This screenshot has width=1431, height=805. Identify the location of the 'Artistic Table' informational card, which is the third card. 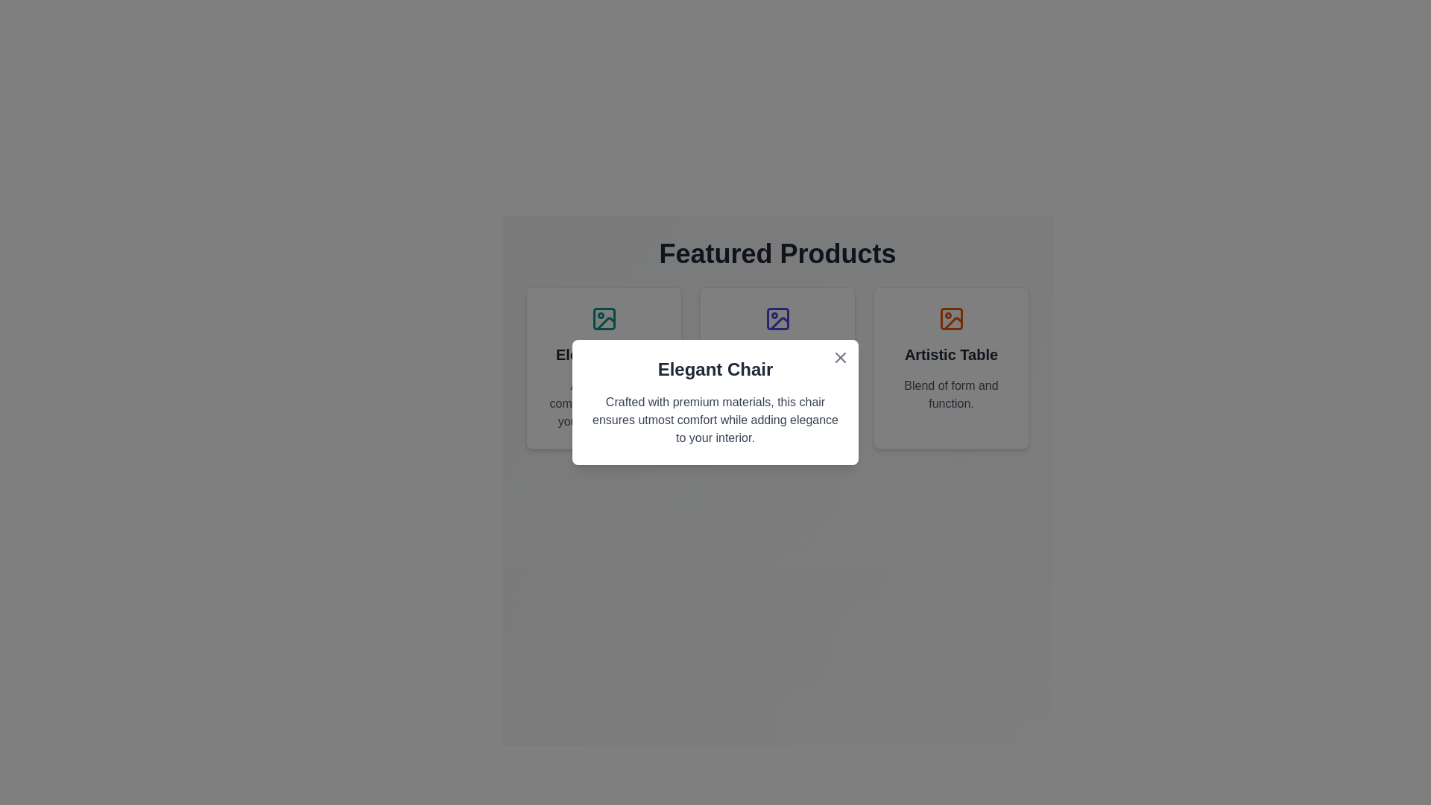
(950, 367).